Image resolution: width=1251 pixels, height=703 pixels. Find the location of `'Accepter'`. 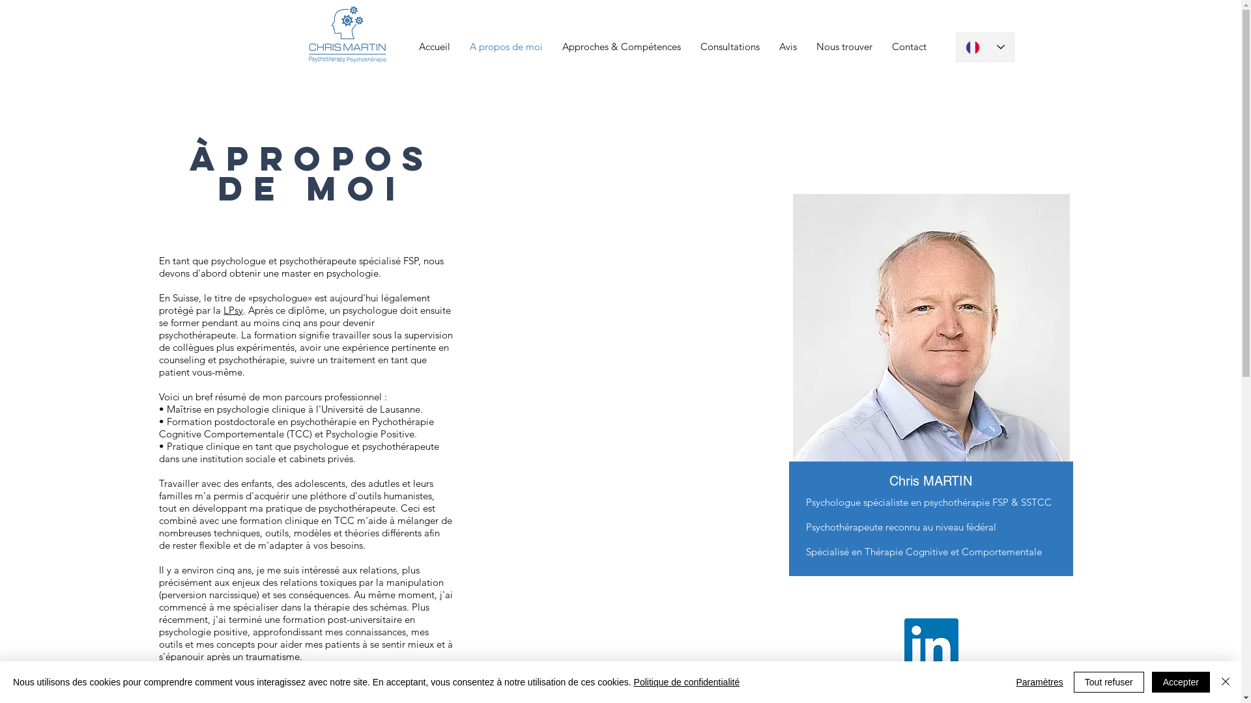

'Accepter' is located at coordinates (1181, 682).